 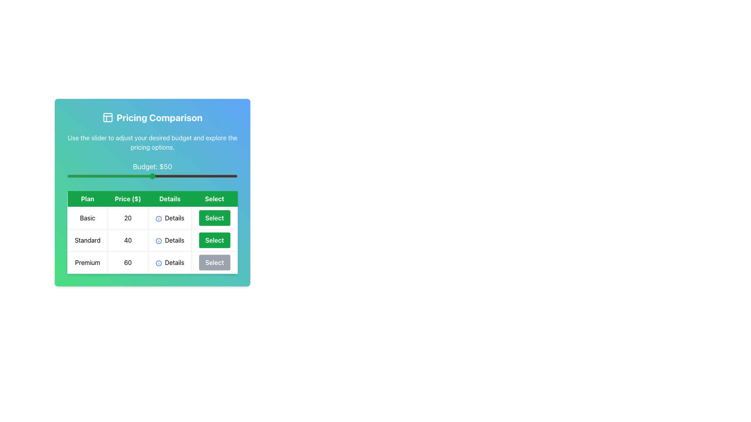 I want to click on the green 'Select' button with white text located in the first row of the table, aligned with the 'Price ($)' and 'Details' columns, so click(x=214, y=218).